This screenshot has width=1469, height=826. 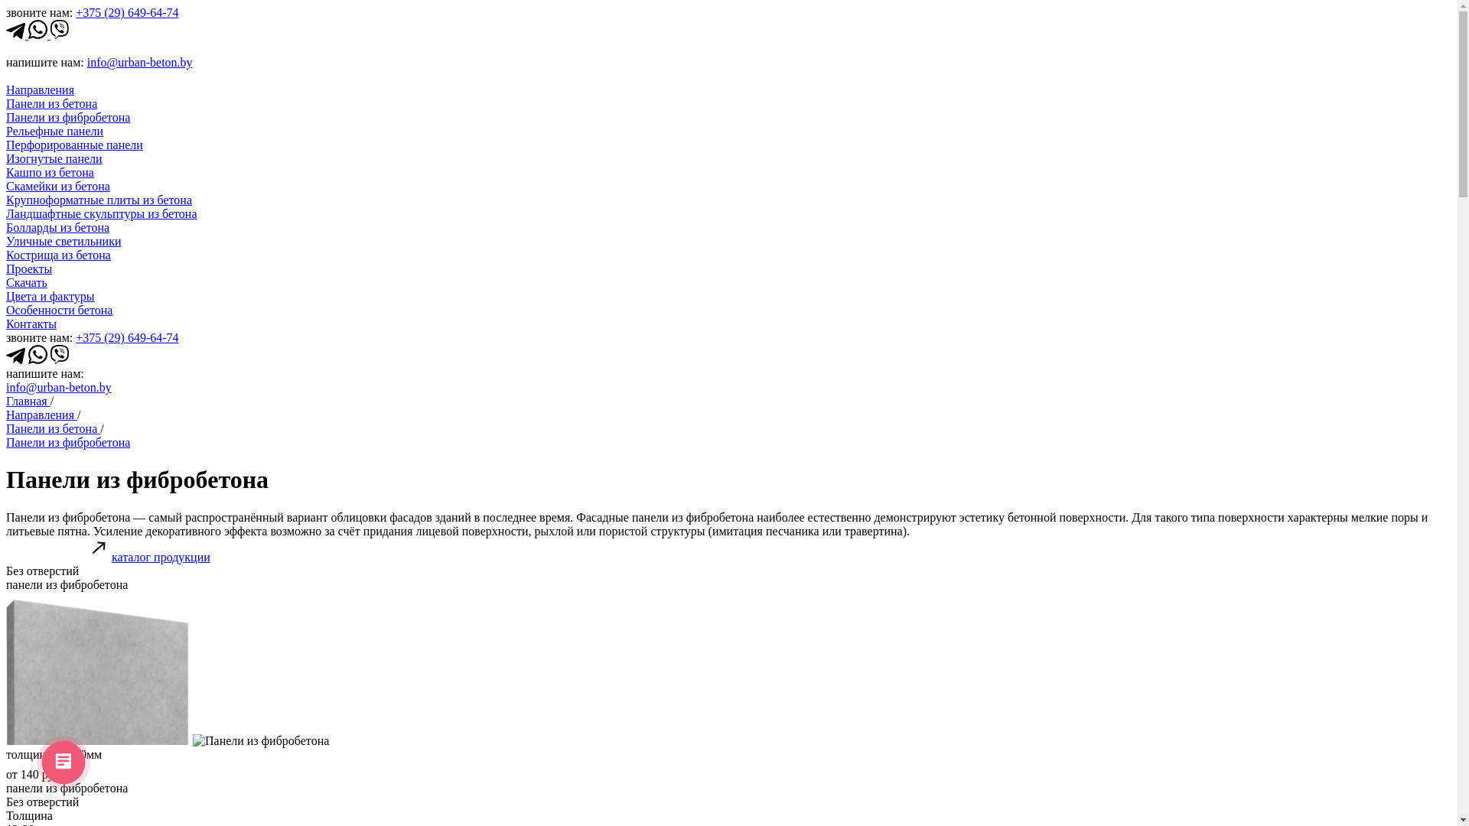 I want to click on 'info@urban-beton.by', so click(x=139, y=61).